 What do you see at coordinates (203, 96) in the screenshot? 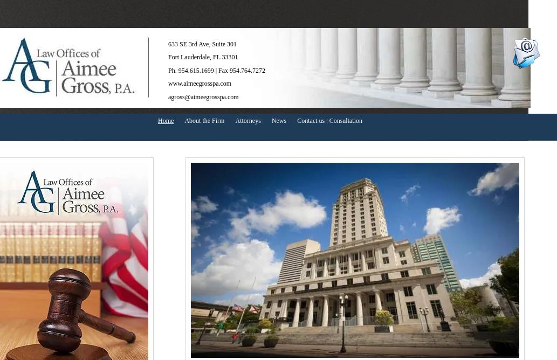
I see `'agross@aimeegrosspa.com'` at bounding box center [203, 96].